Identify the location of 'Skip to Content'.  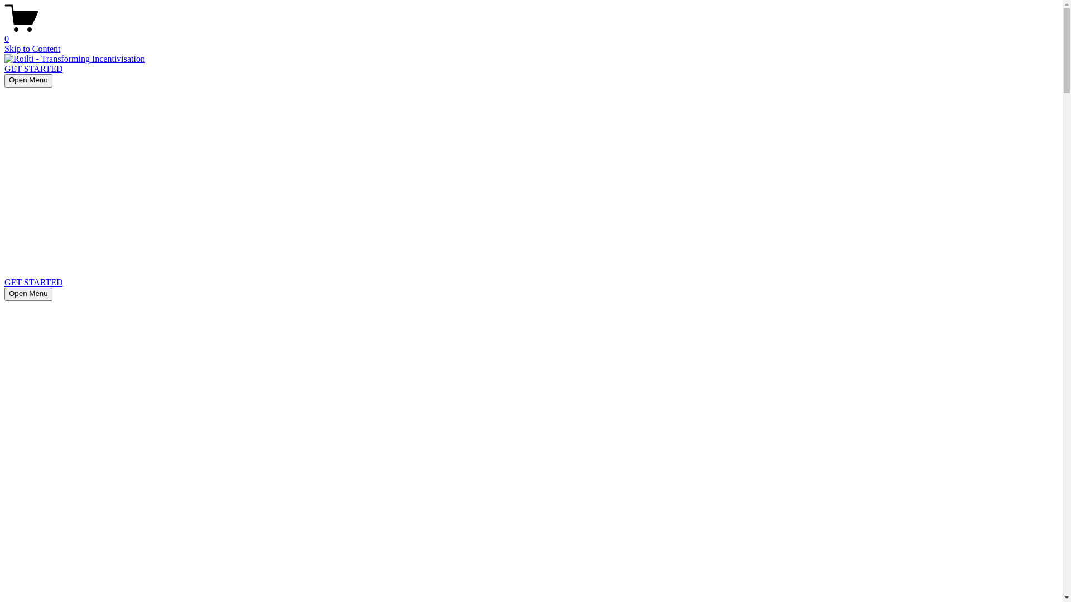
(4, 48).